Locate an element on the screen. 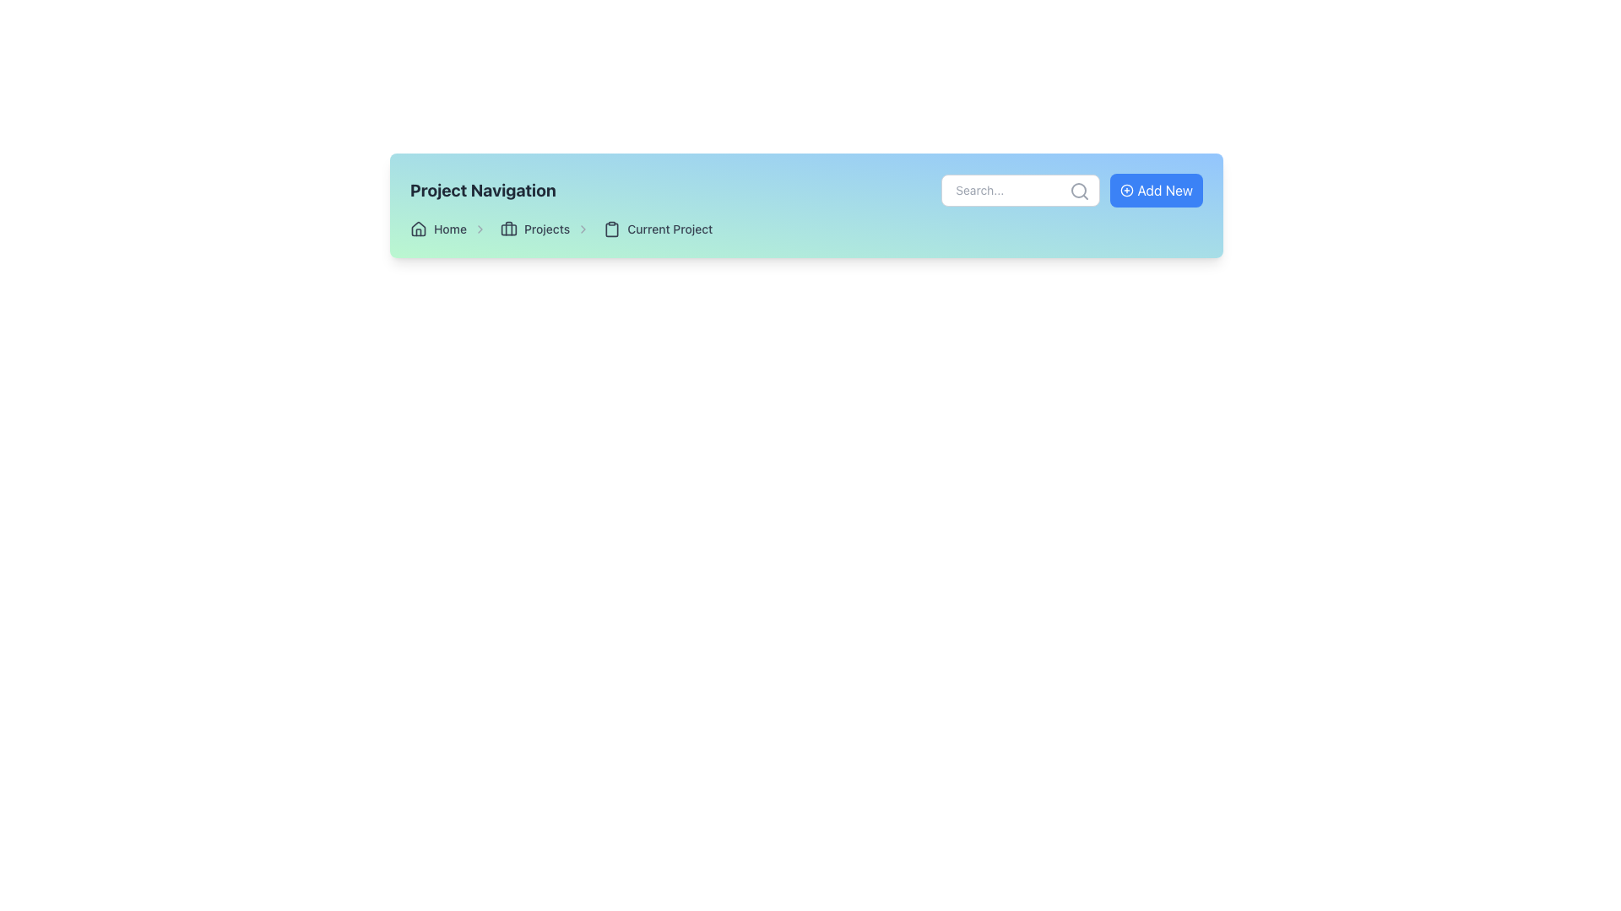  the briefcase icon located in the breadcrumb navigation bar next to the 'Projects' label is located at coordinates (508, 229).